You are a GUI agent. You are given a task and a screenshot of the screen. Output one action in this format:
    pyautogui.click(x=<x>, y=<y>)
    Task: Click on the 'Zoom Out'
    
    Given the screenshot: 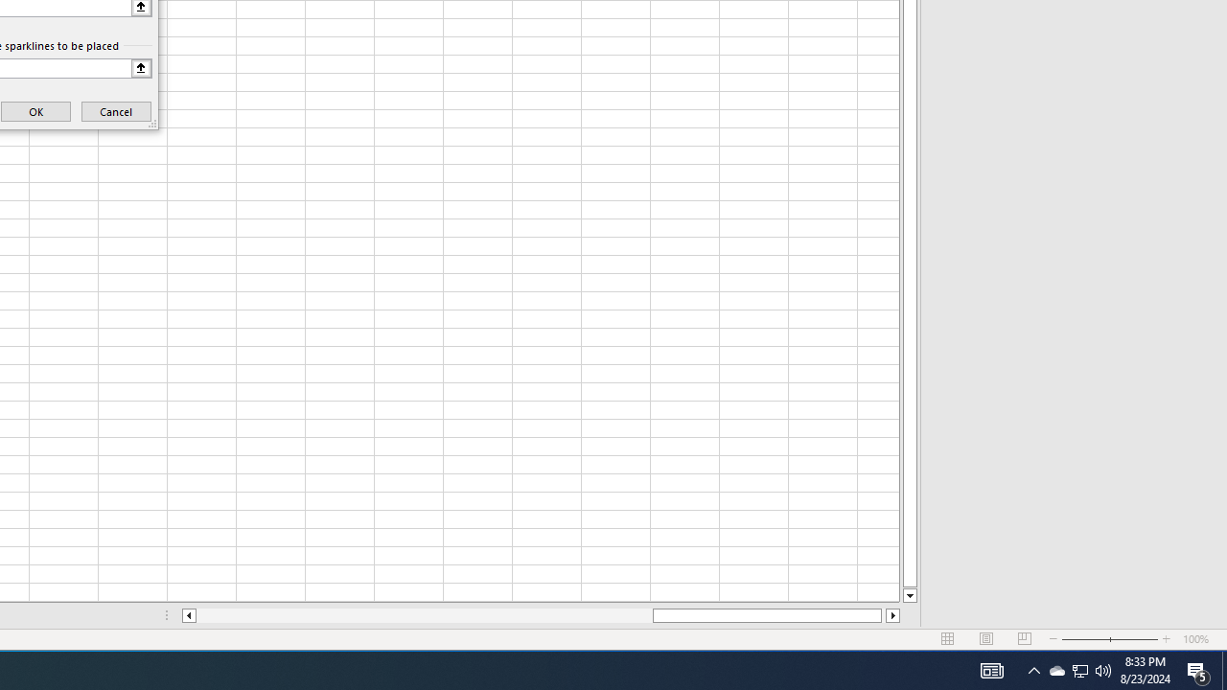 What is the action you would take?
    pyautogui.click(x=1085, y=639)
    